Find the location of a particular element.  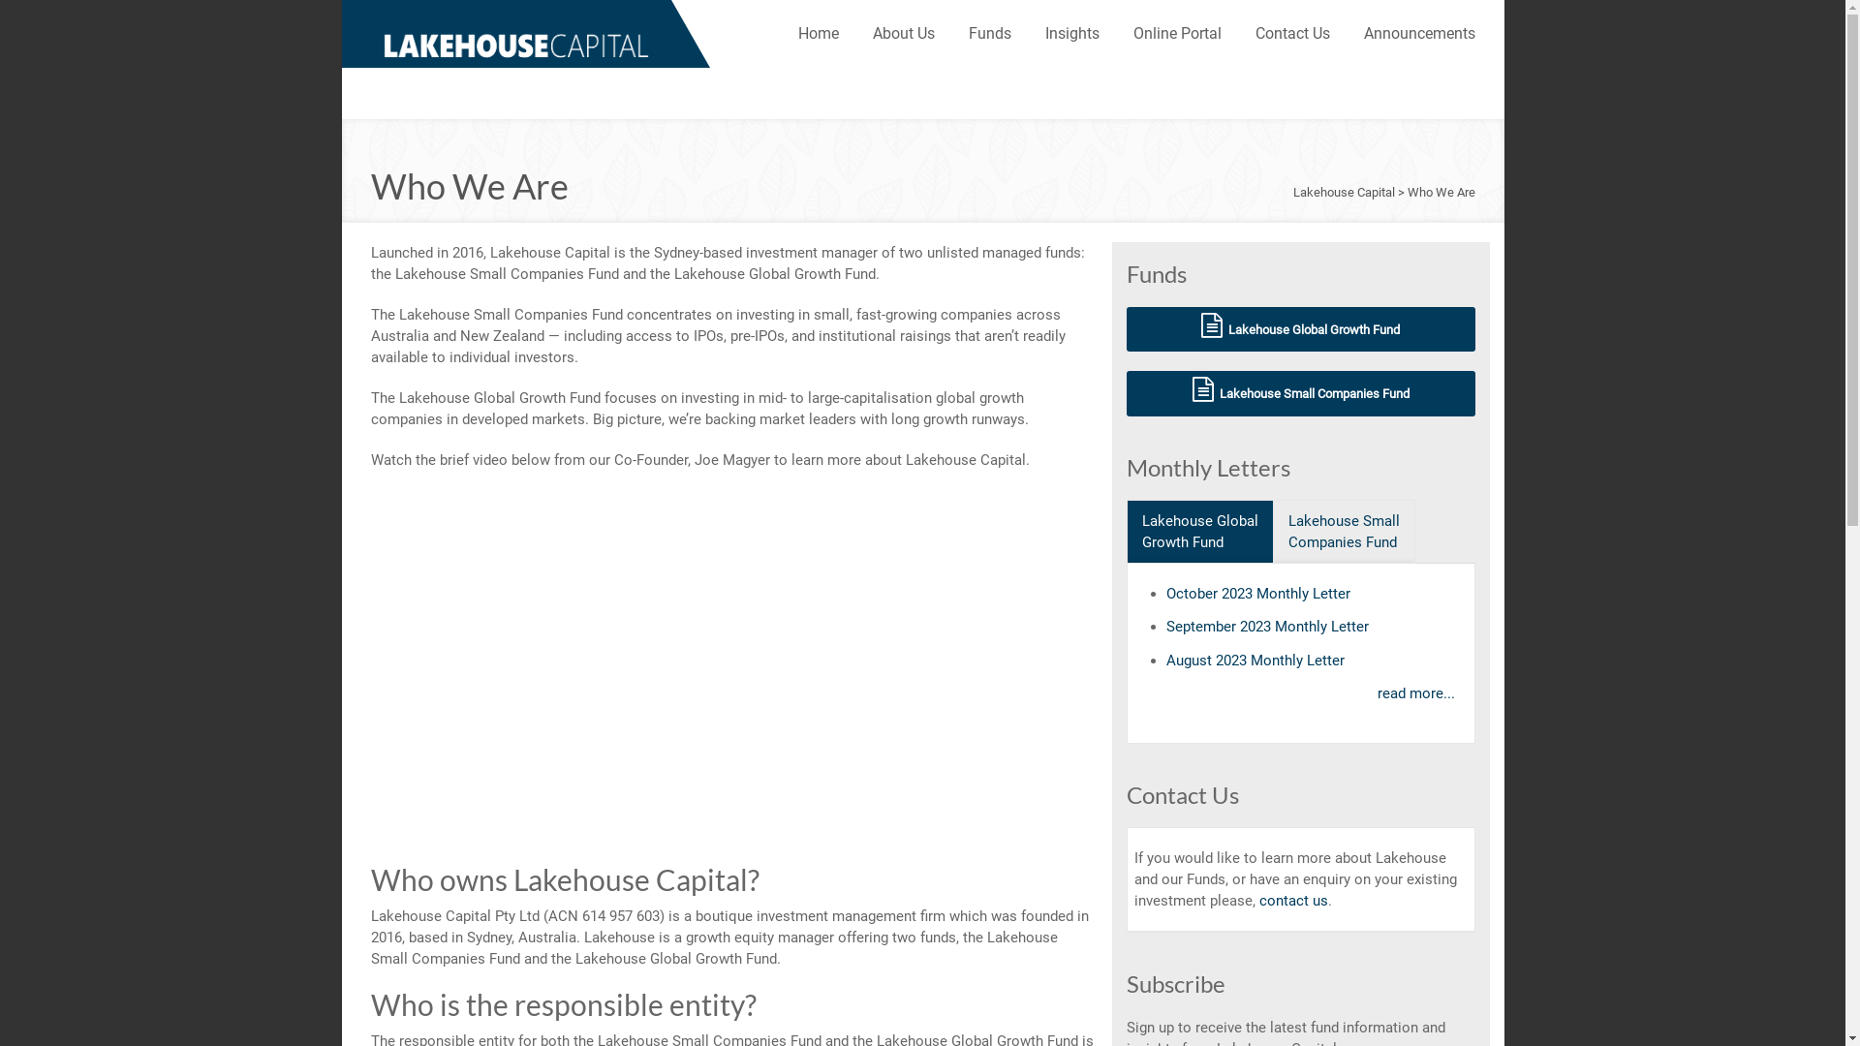

'Home' is located at coordinates (818, 33).